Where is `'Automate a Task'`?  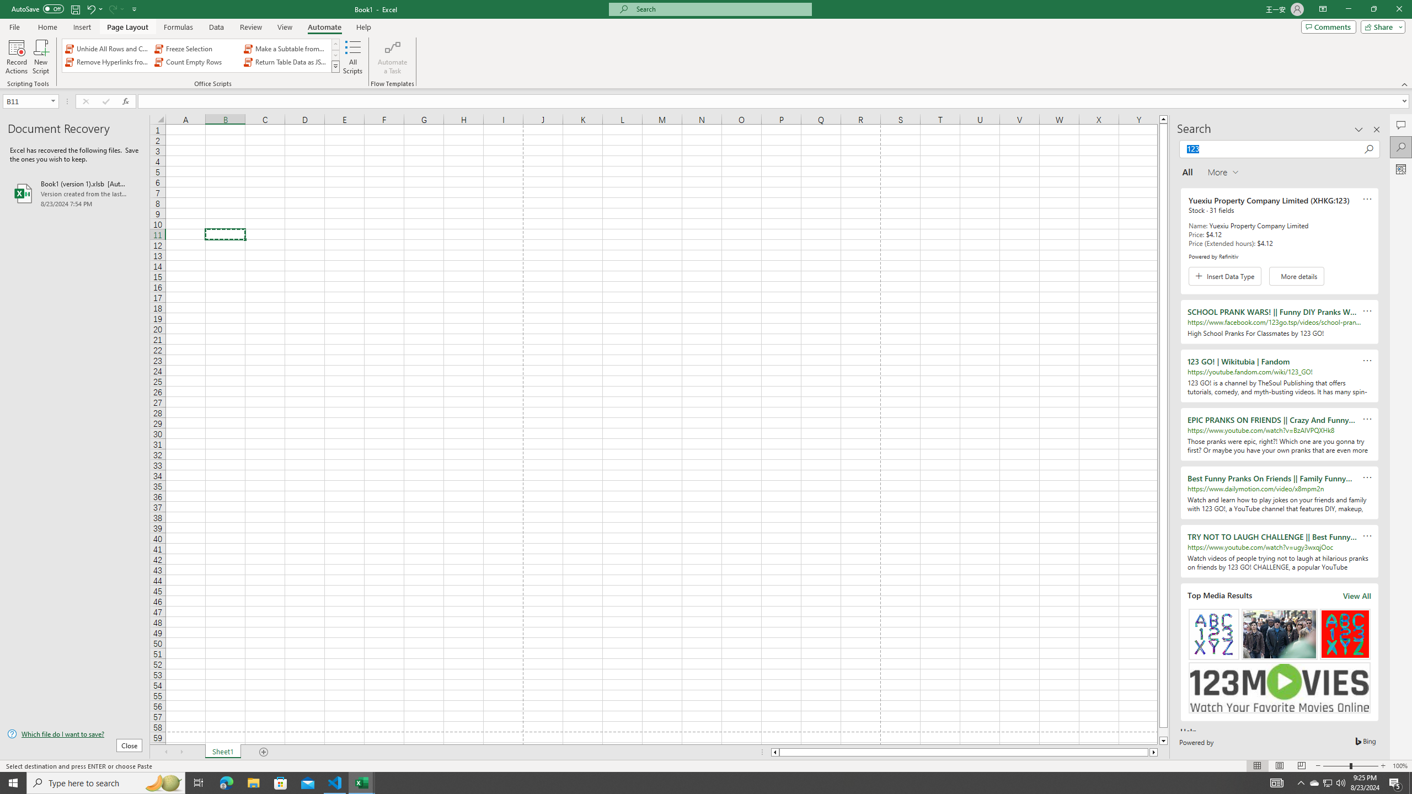 'Automate a Task' is located at coordinates (392, 57).